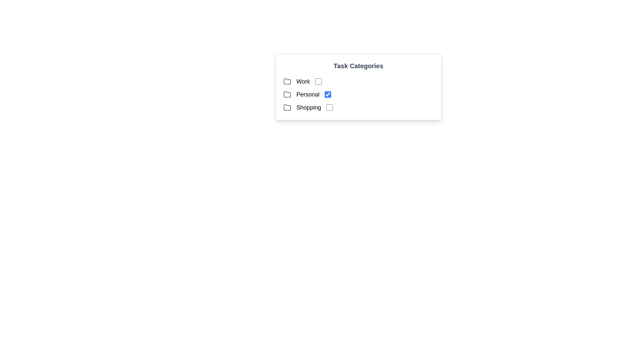 This screenshot has width=624, height=351. What do you see at coordinates (318, 81) in the screenshot?
I see `the checkbox located to the far right of the text 'Work'` at bounding box center [318, 81].